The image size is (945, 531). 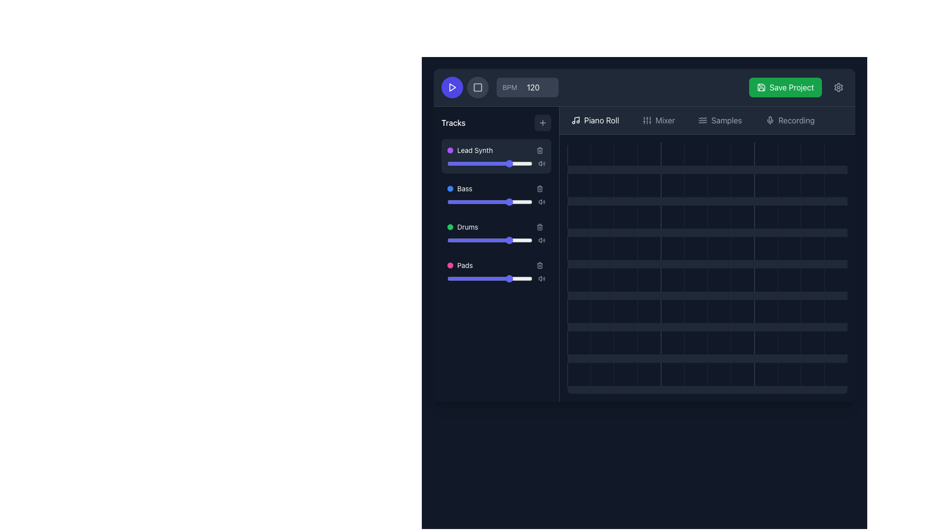 What do you see at coordinates (468, 202) in the screenshot?
I see `the slider value` at bounding box center [468, 202].